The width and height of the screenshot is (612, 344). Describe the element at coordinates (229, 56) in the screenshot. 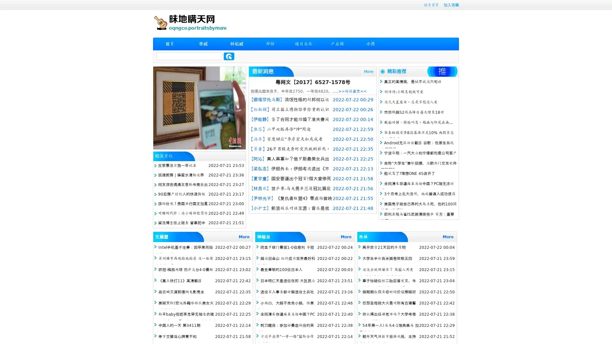

I see `Search` at that location.